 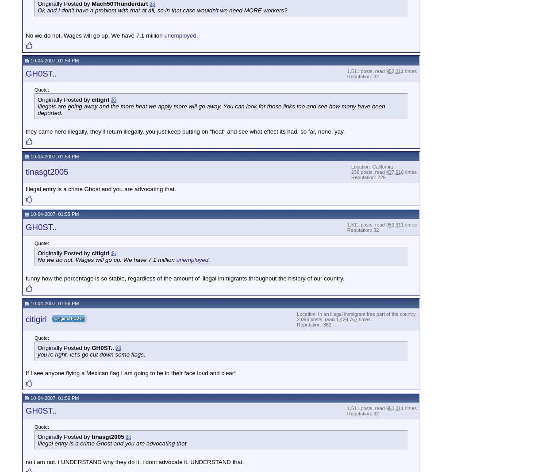 I want to click on 'no i am not. i UNDERSTAND why they do it. i dont advocate it. UNDERSTAND that.', so click(x=25, y=462).